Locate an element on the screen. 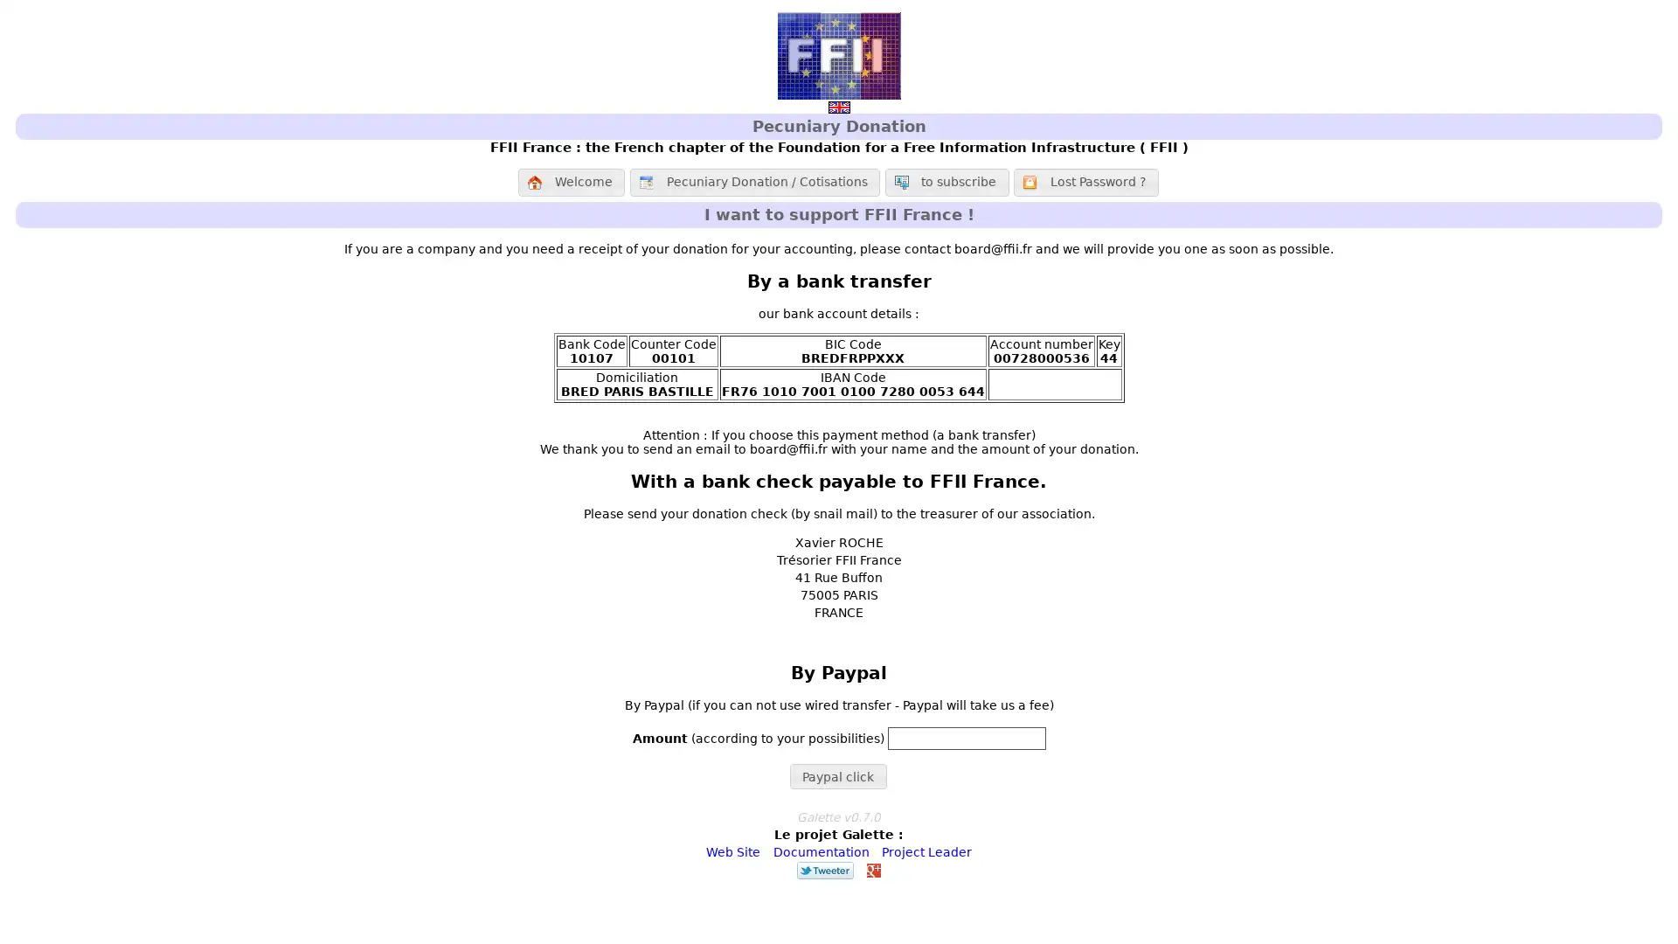 The image size is (1678, 944). Paypal click is located at coordinates (836, 775).